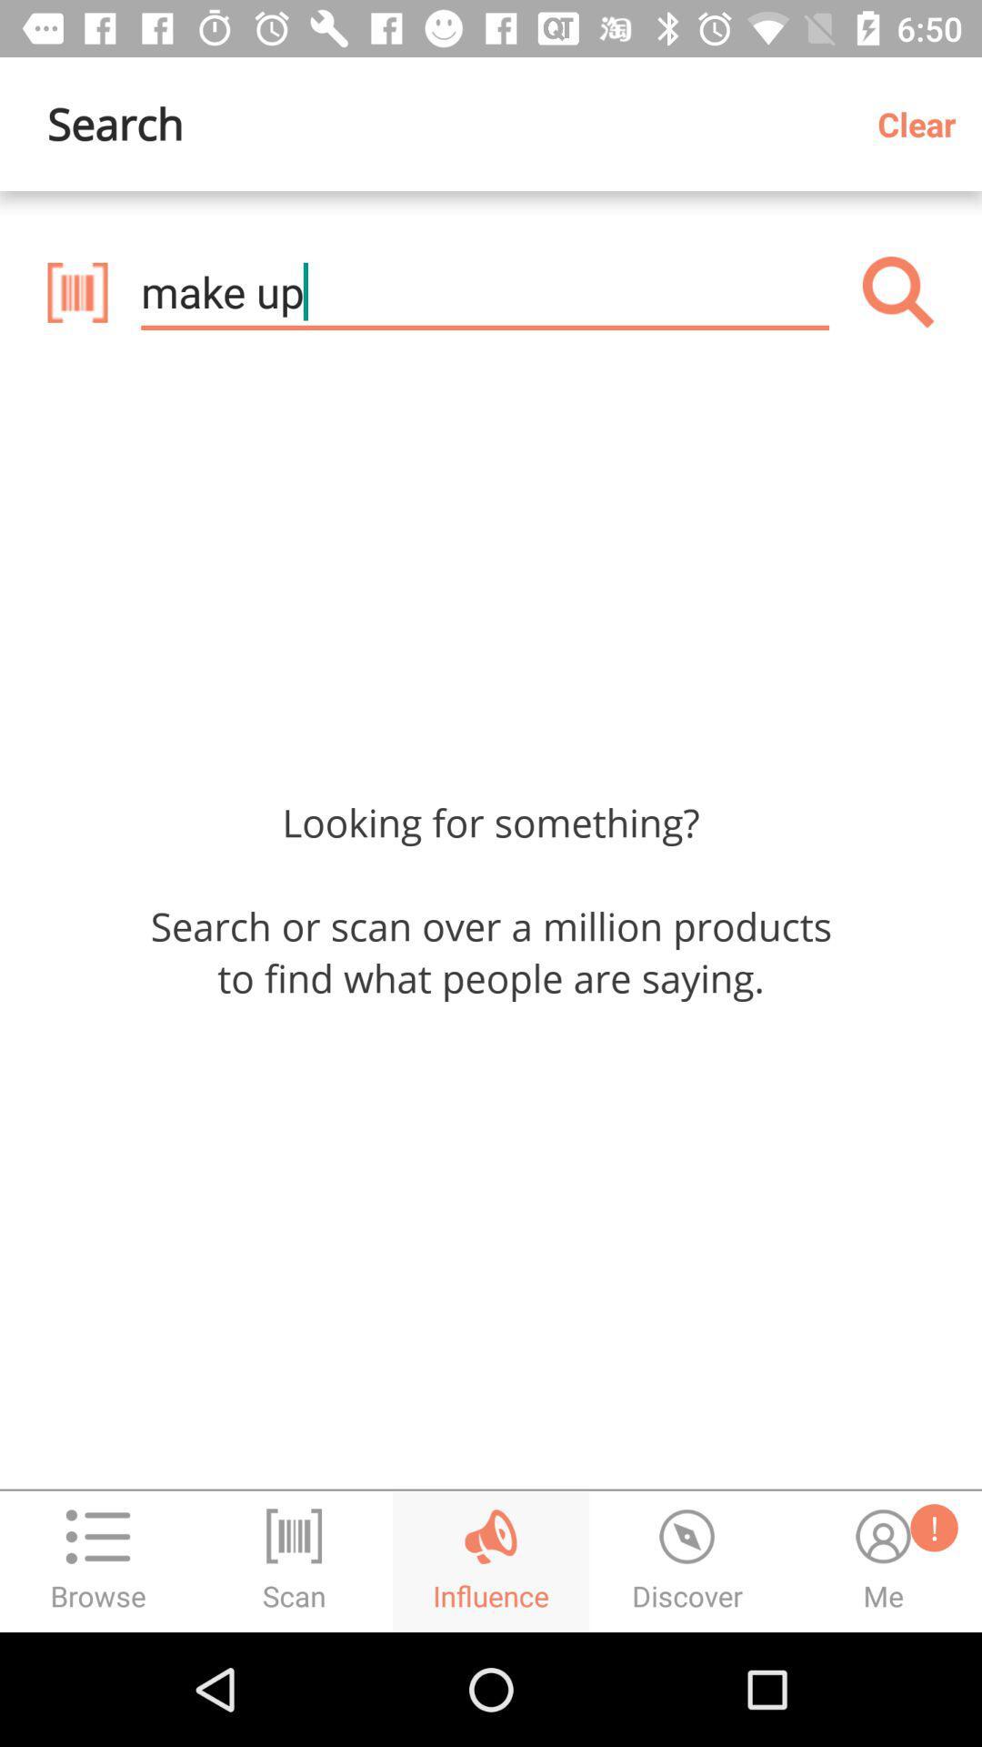  What do you see at coordinates (897, 292) in the screenshot?
I see `search option` at bounding box center [897, 292].